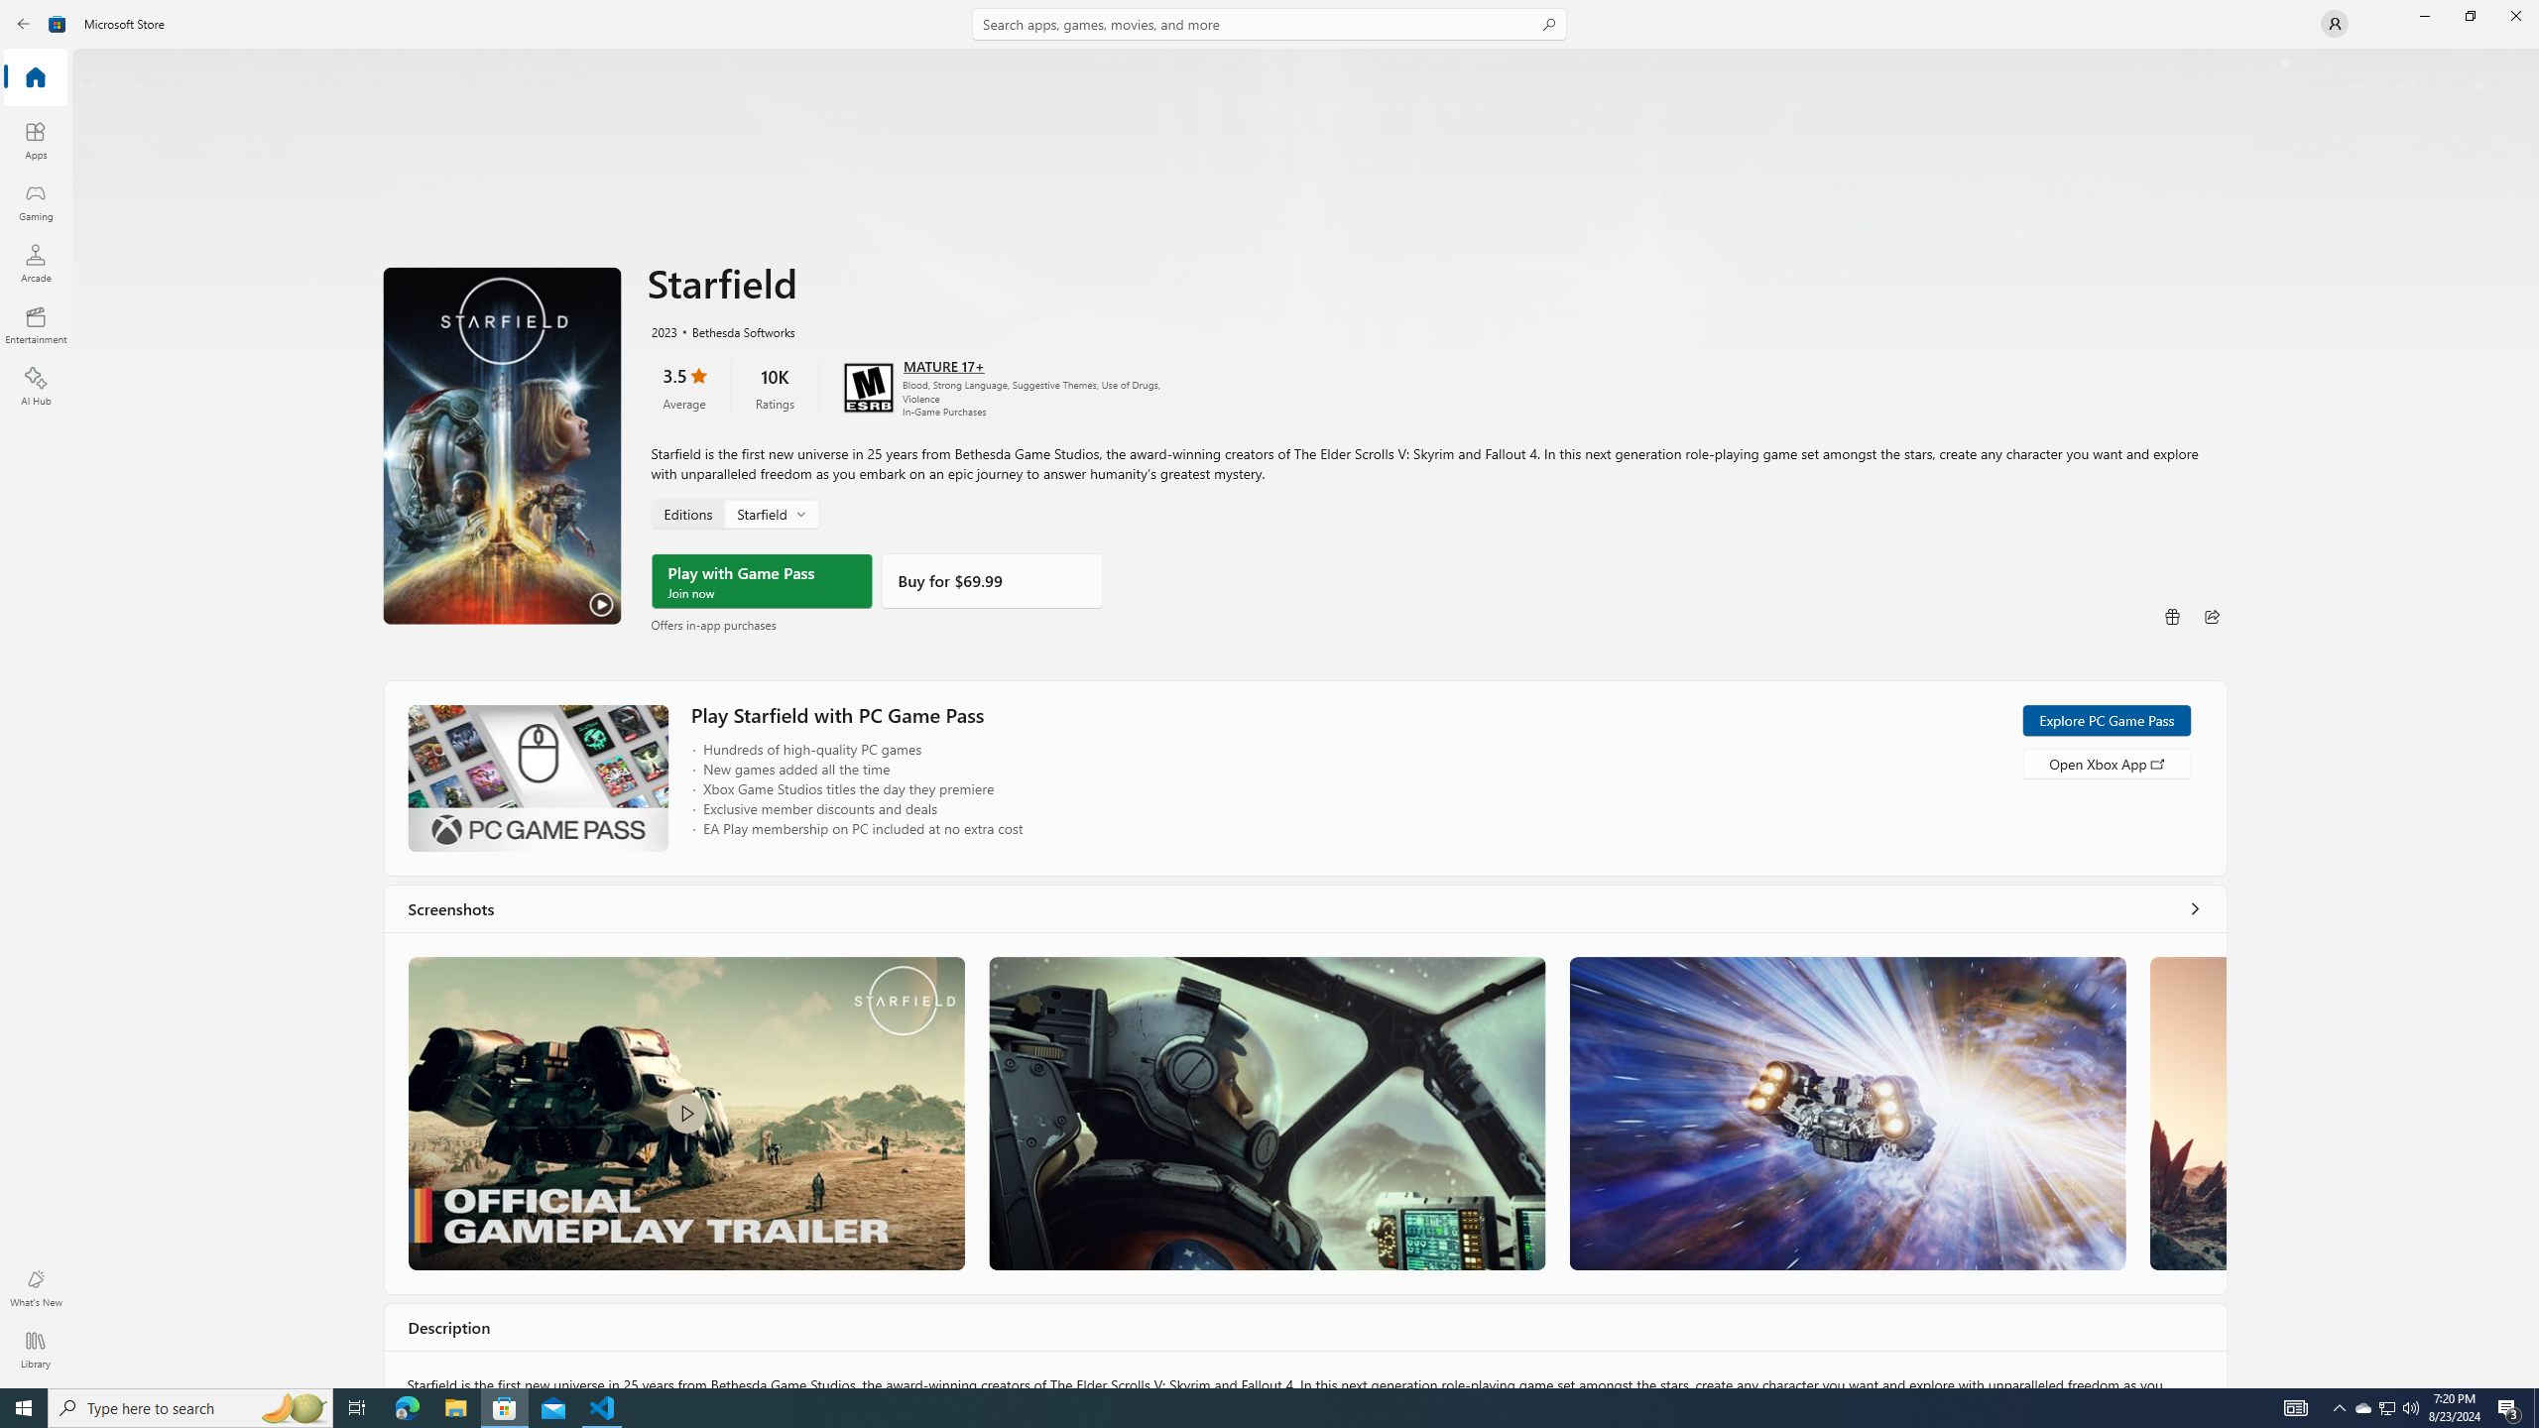  Describe the element at coordinates (2195, 907) in the screenshot. I see `'See all'` at that location.